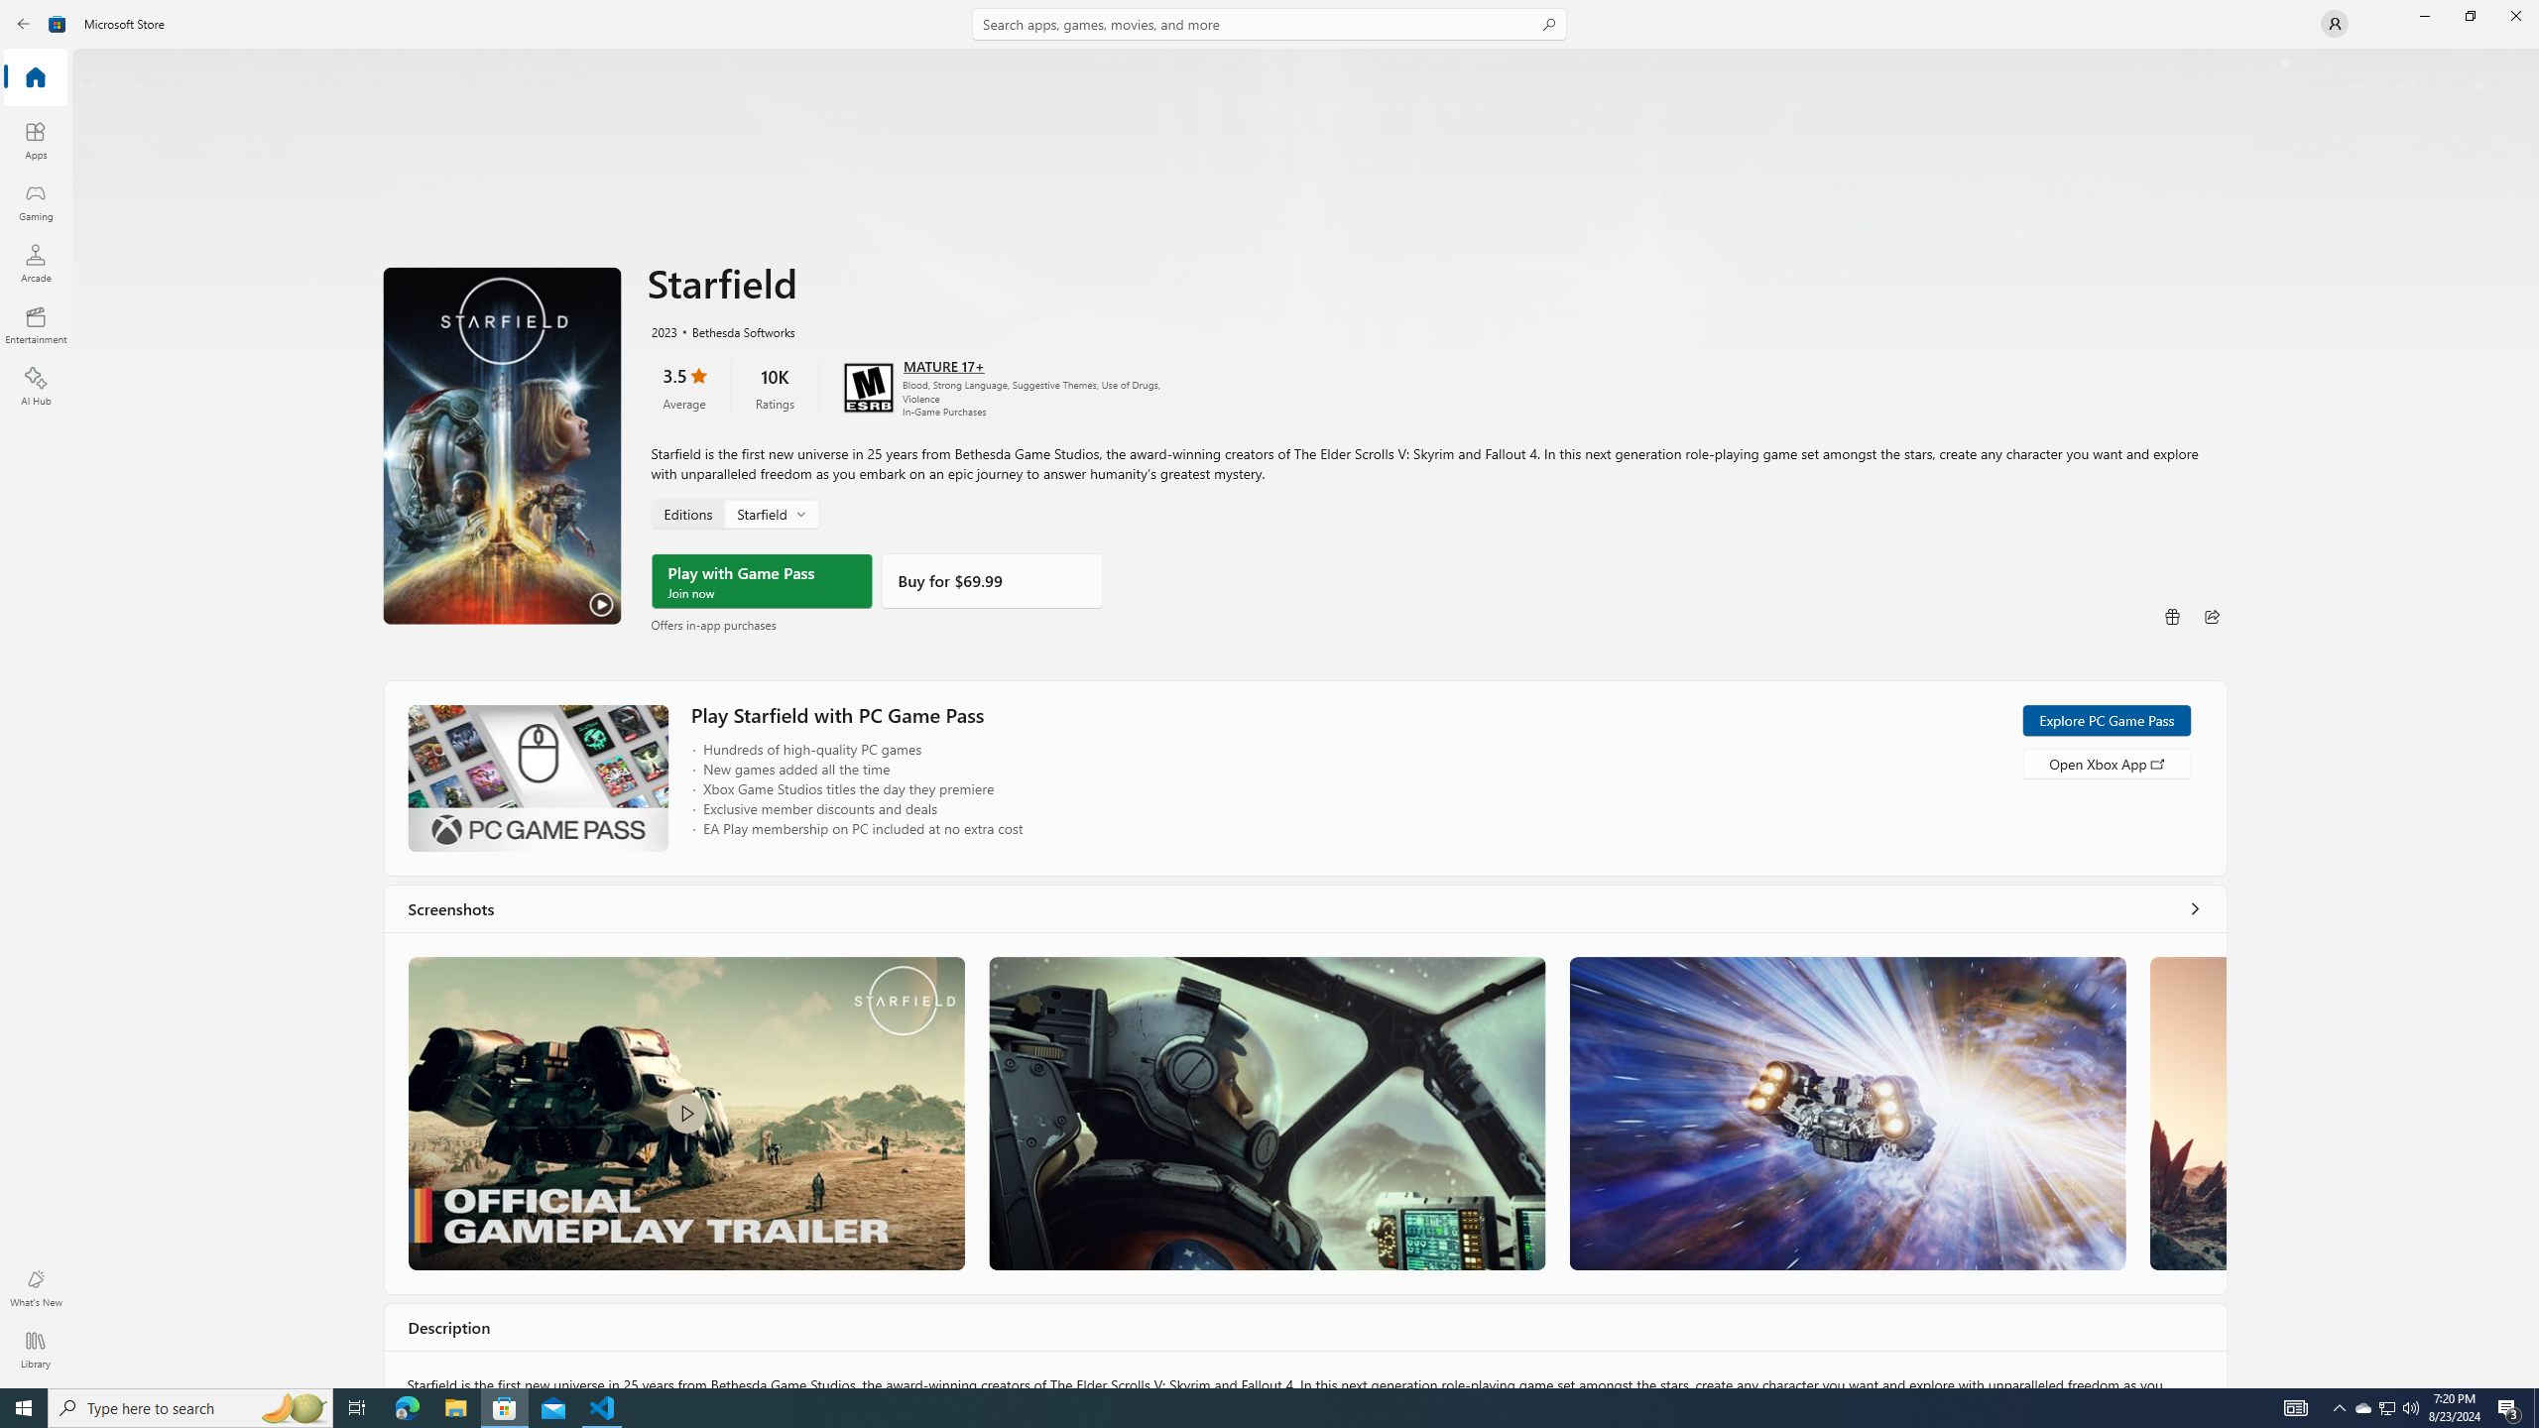  Describe the element at coordinates (2195, 907) in the screenshot. I see `'See all'` at that location.